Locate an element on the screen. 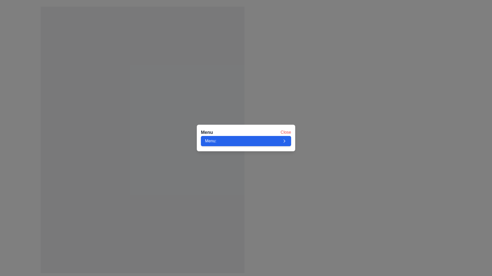 The width and height of the screenshot is (492, 276). the Text Label located in the top-left corner of the header section, which indicates the title or purpose of the panel is located at coordinates (207, 132).